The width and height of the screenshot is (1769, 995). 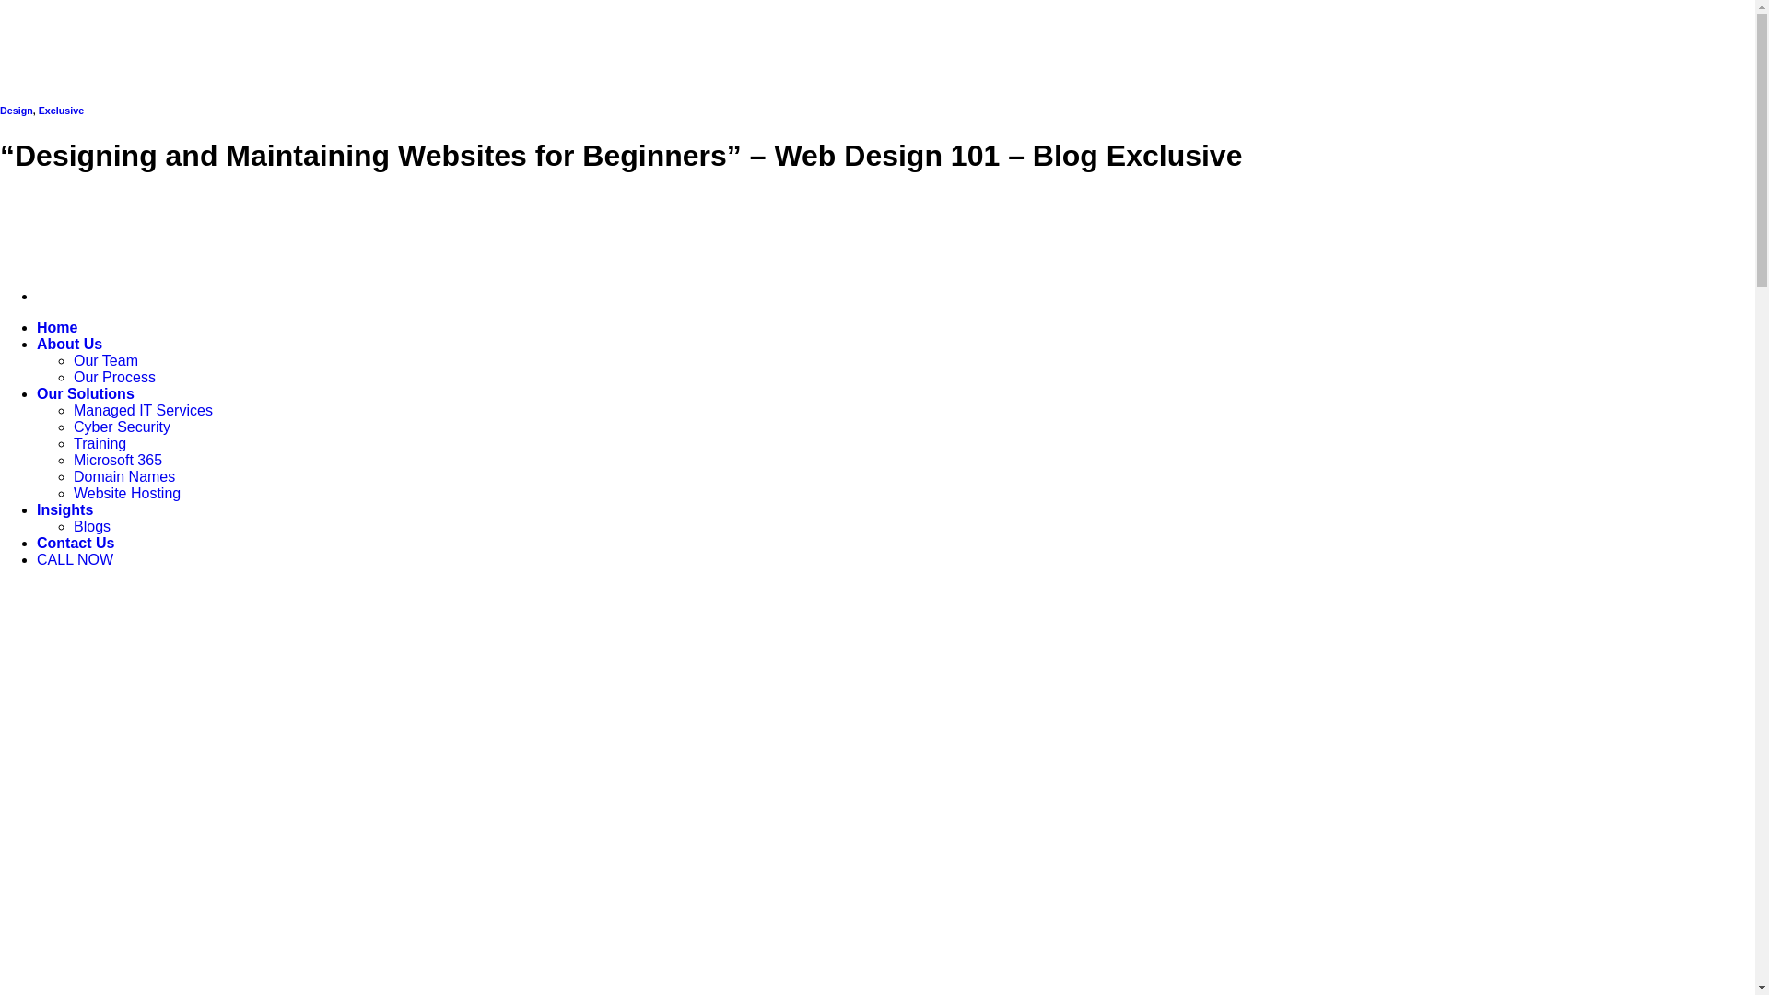 I want to click on 'About Us', so click(x=69, y=344).